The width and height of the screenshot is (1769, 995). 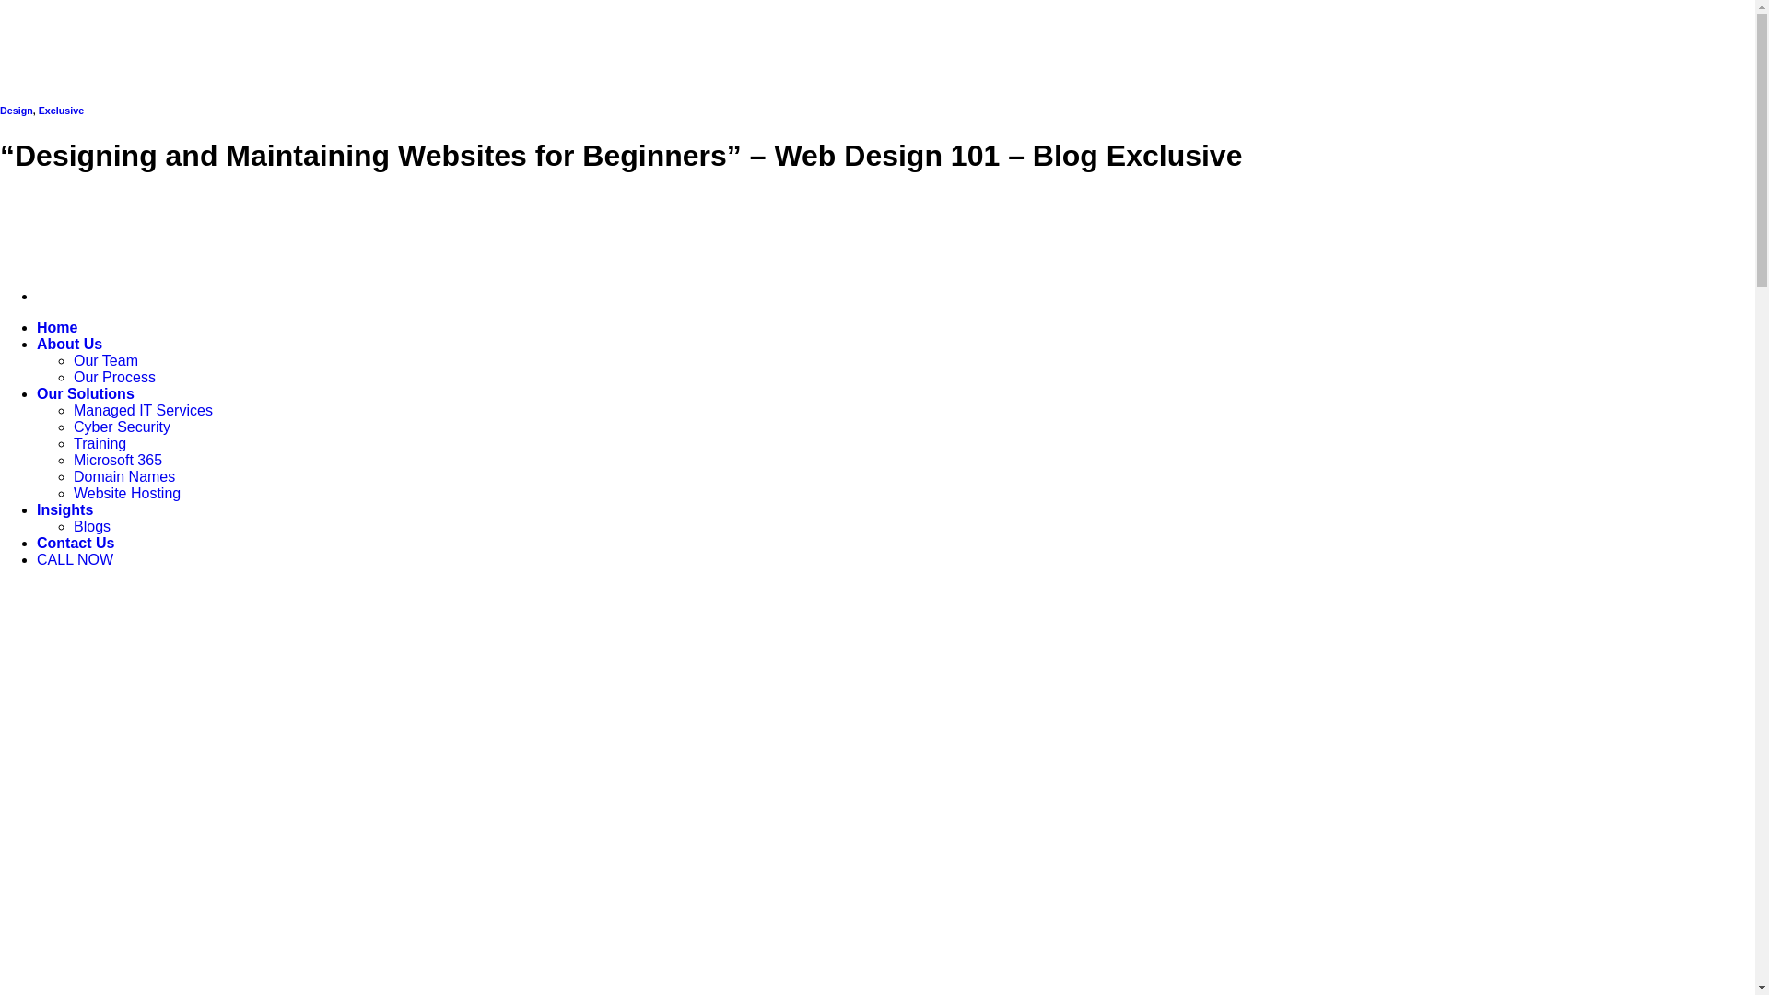 I want to click on 'About Us', so click(x=69, y=344).